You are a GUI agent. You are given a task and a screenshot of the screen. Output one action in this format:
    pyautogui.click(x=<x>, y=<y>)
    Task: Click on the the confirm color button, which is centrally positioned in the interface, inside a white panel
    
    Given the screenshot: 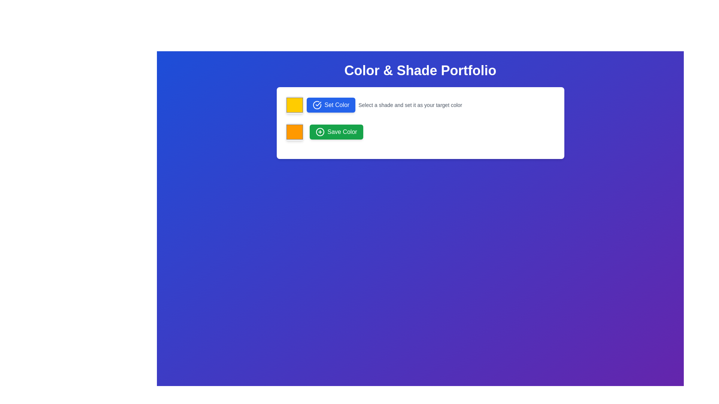 What is the action you would take?
    pyautogui.click(x=330, y=105)
    